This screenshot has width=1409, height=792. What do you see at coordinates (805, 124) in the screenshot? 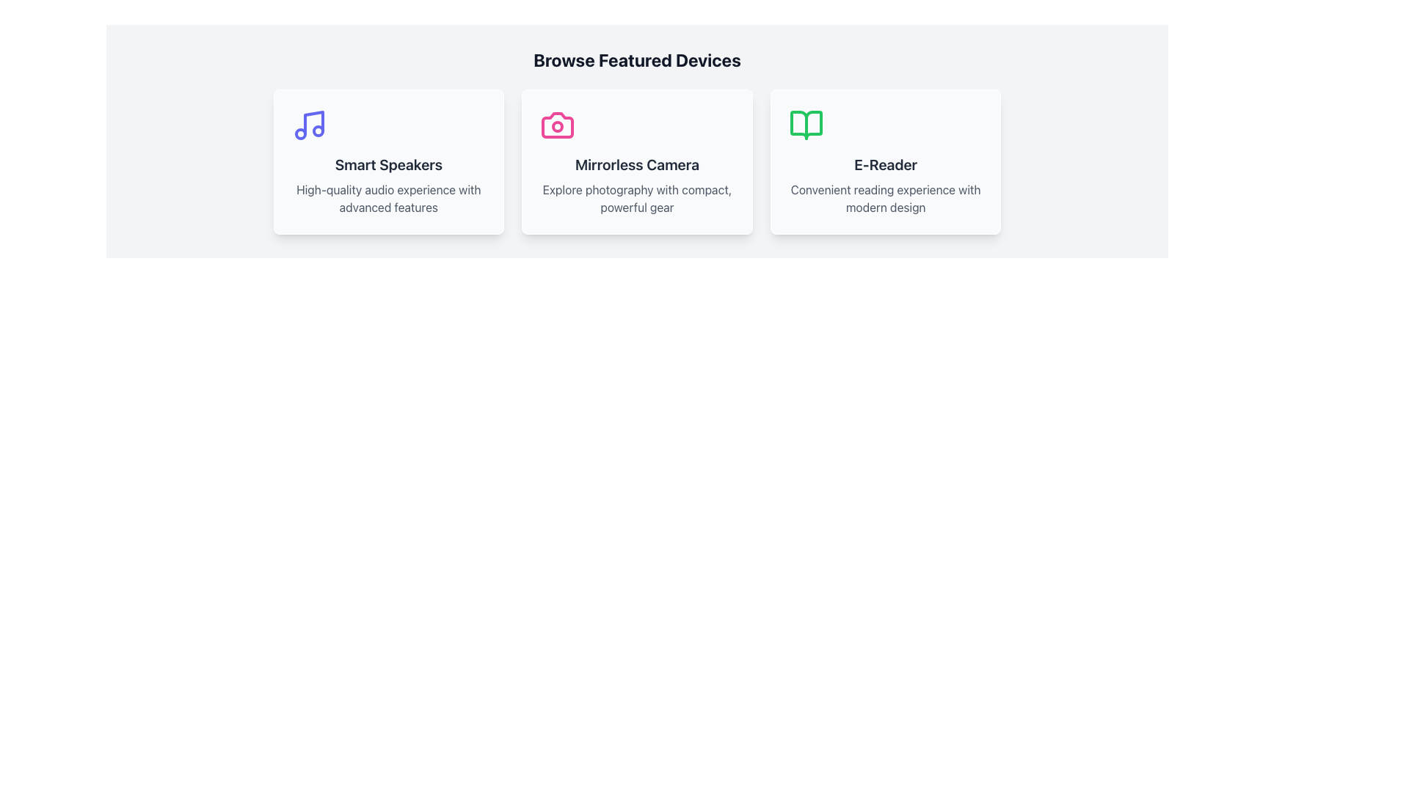
I see `the green book icon in the 'E-Reader' section` at bounding box center [805, 124].